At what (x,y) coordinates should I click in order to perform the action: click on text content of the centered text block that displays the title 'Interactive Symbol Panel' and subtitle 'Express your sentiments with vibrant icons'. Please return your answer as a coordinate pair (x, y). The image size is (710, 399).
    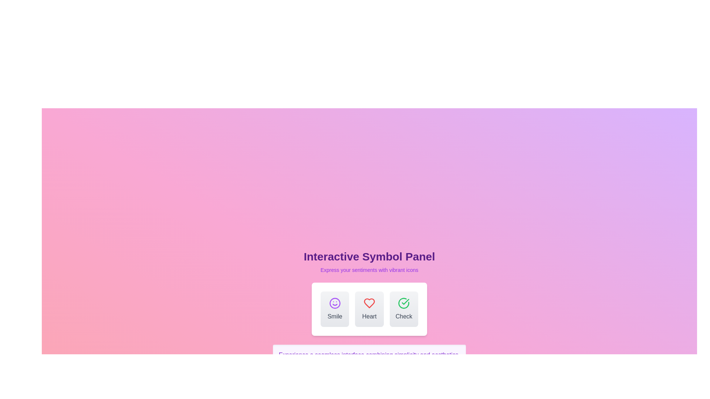
    Looking at the image, I should click on (369, 262).